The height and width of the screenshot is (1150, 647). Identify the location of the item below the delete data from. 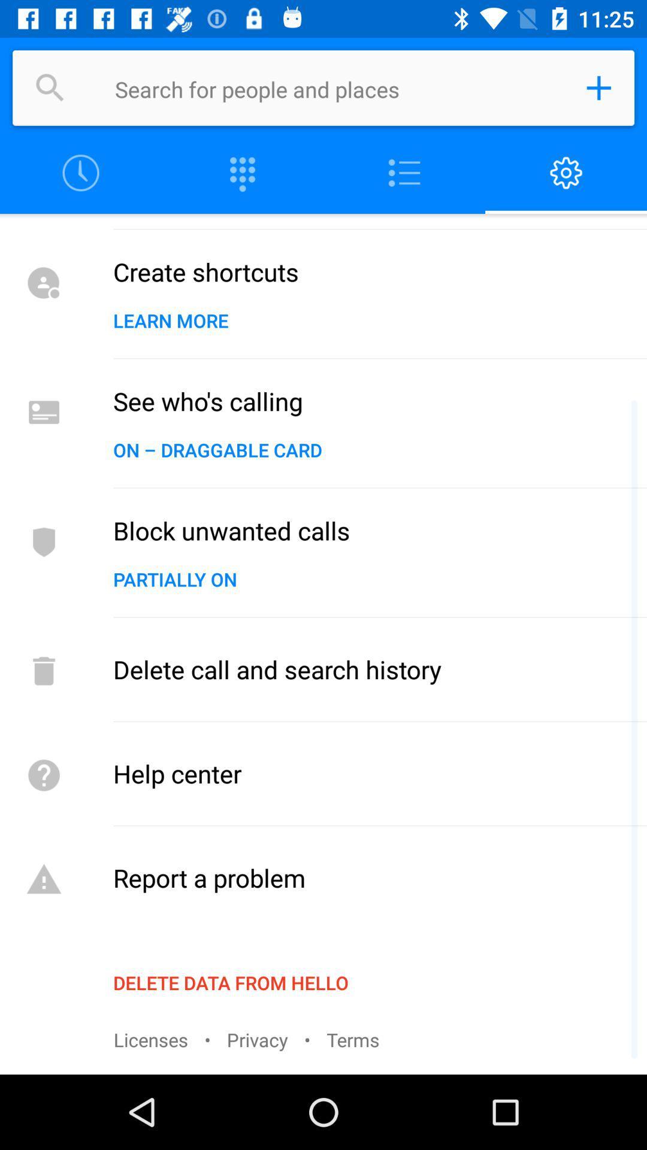
(352, 1039).